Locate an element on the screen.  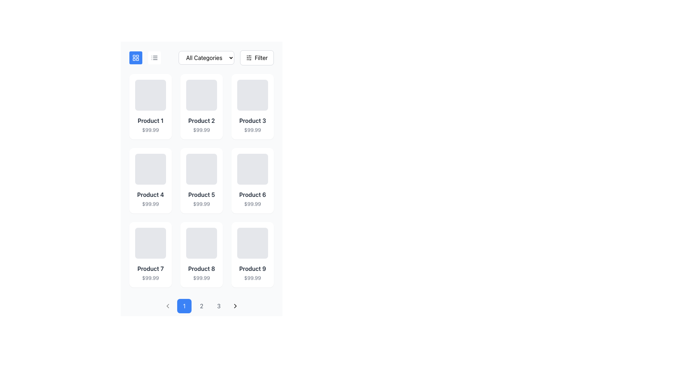
the cost of 'Product 5' is located at coordinates (201, 204).